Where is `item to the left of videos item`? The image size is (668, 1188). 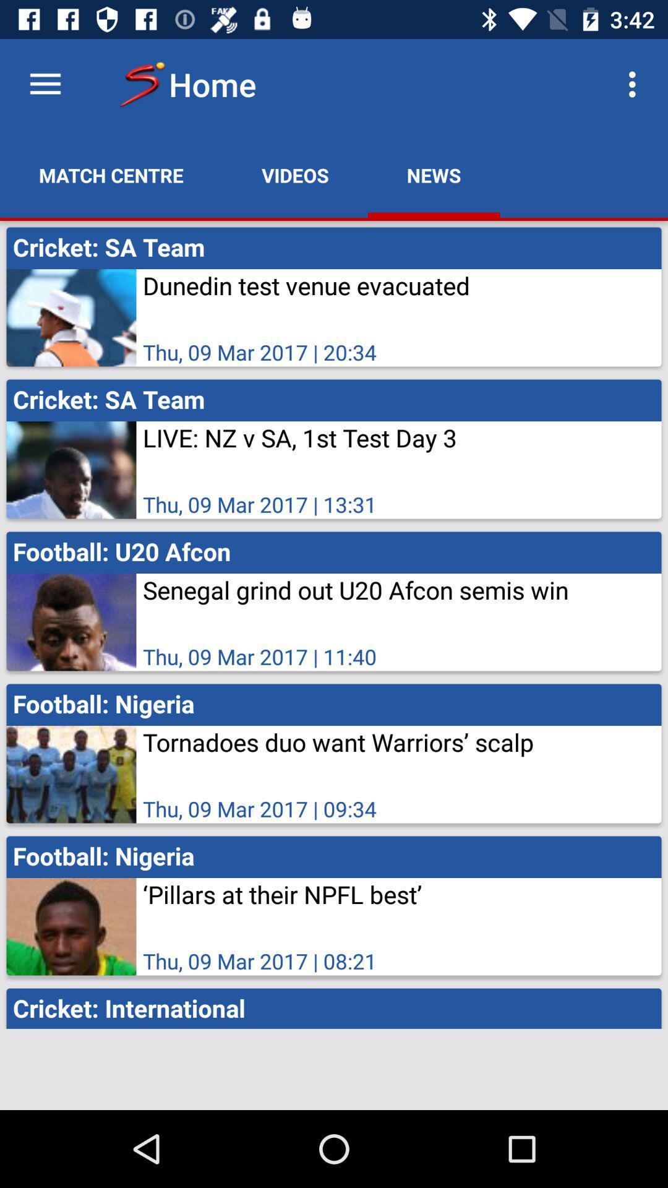 item to the left of videos item is located at coordinates (111, 174).